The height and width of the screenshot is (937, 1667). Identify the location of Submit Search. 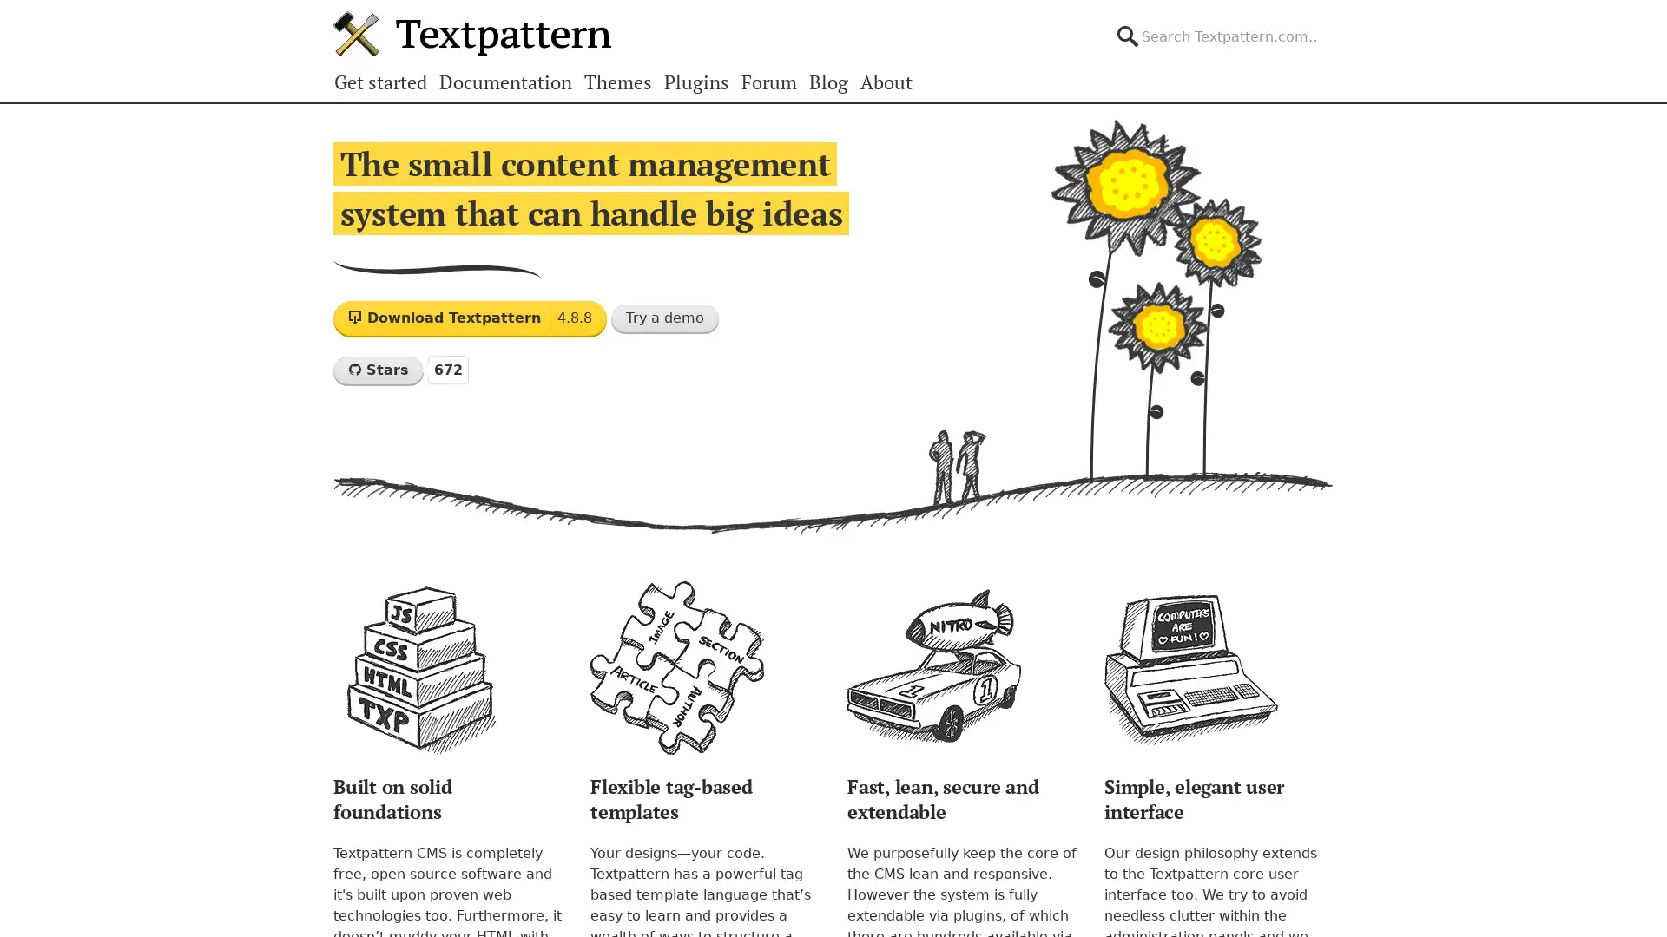
(1332, 21).